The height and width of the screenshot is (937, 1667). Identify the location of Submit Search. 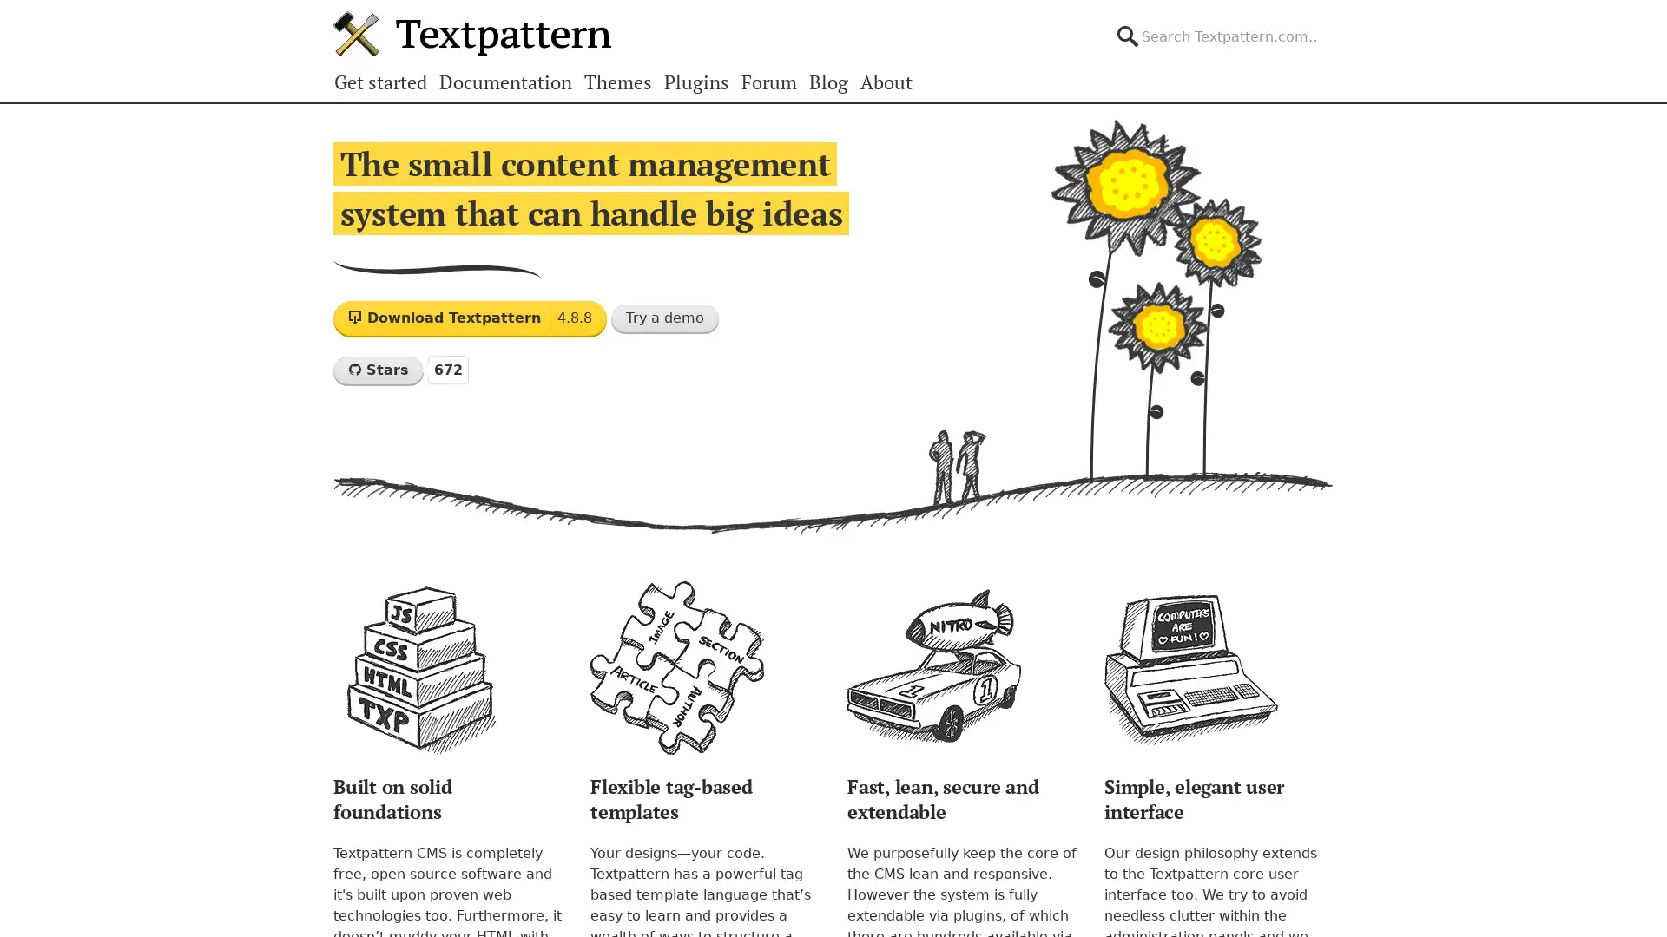
(1332, 21).